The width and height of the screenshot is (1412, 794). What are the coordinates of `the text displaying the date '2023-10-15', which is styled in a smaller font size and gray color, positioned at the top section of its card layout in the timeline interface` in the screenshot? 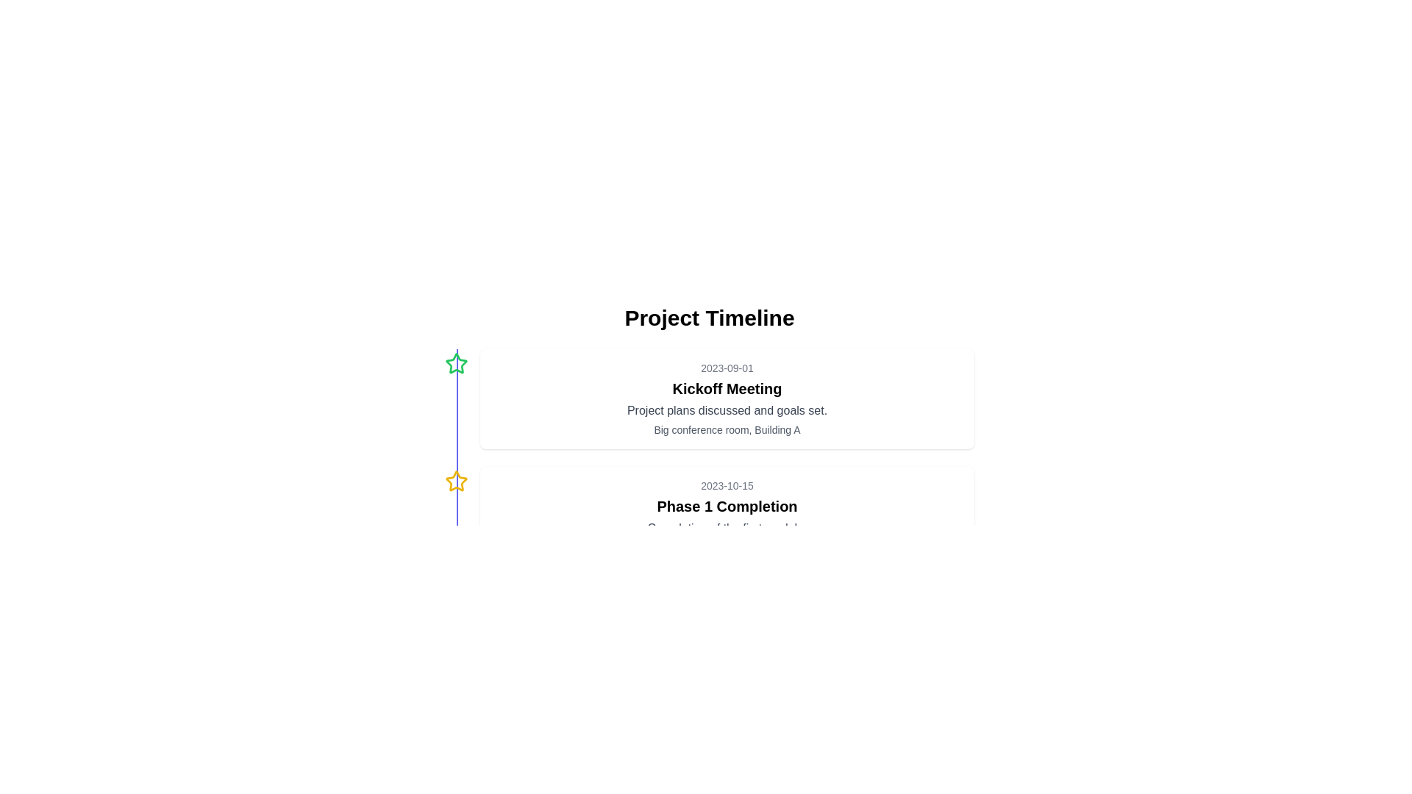 It's located at (727, 485).